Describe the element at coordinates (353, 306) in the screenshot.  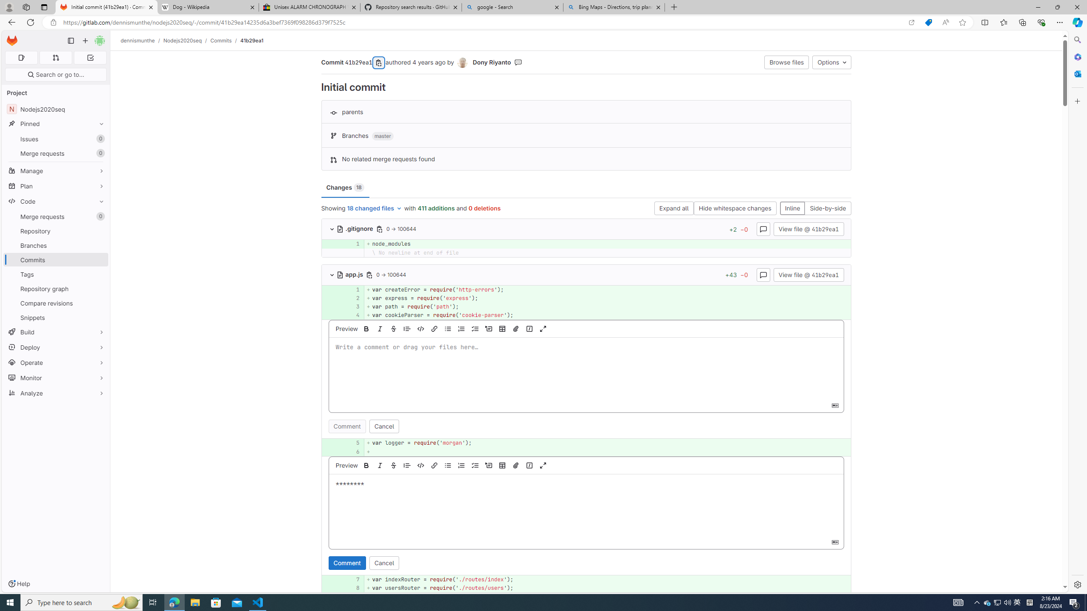
I see `'3'` at that location.